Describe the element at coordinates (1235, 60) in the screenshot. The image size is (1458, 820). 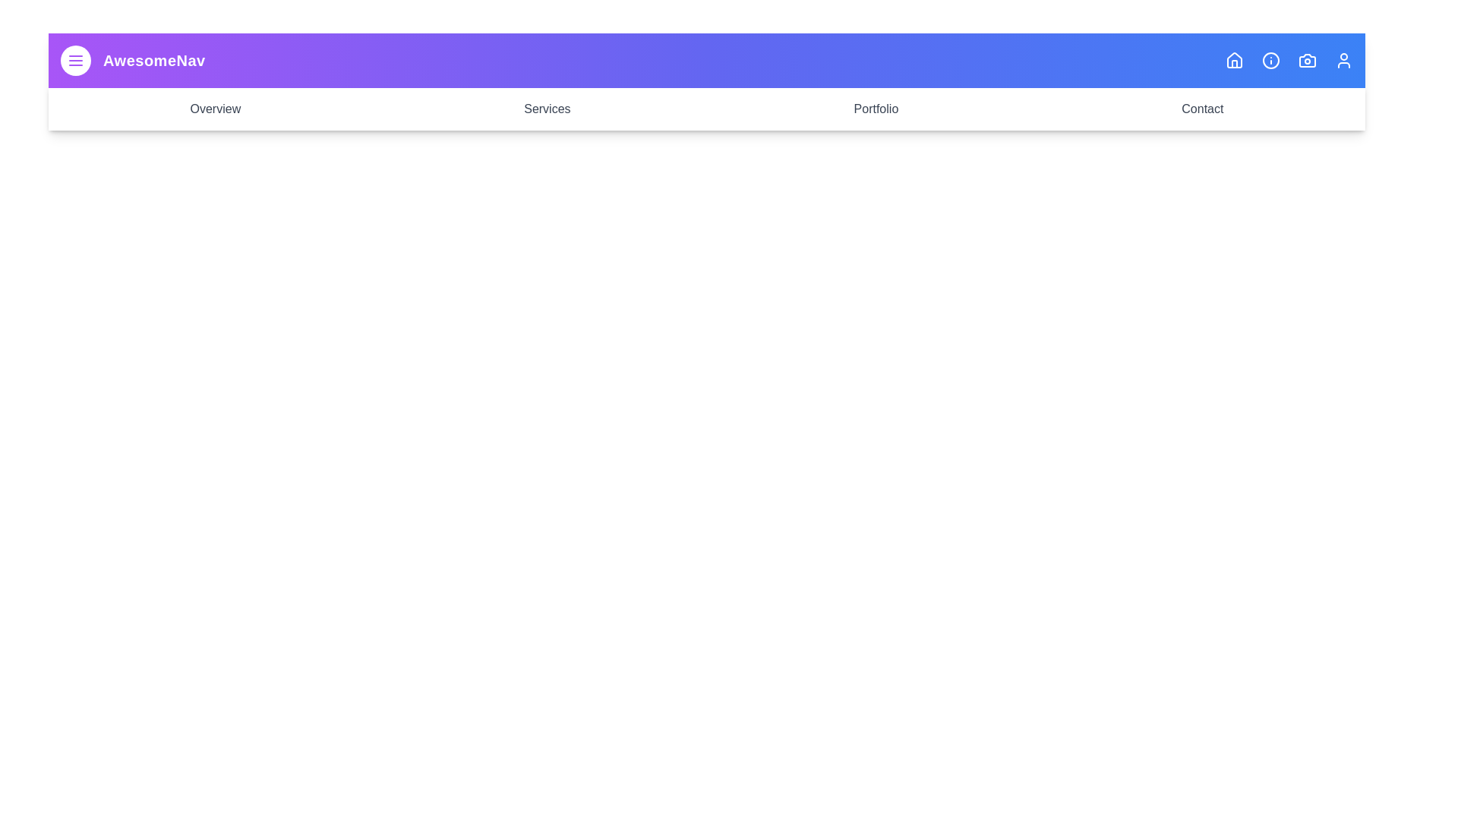
I see `the icon corresponding to Home to observe its hover effect` at that location.